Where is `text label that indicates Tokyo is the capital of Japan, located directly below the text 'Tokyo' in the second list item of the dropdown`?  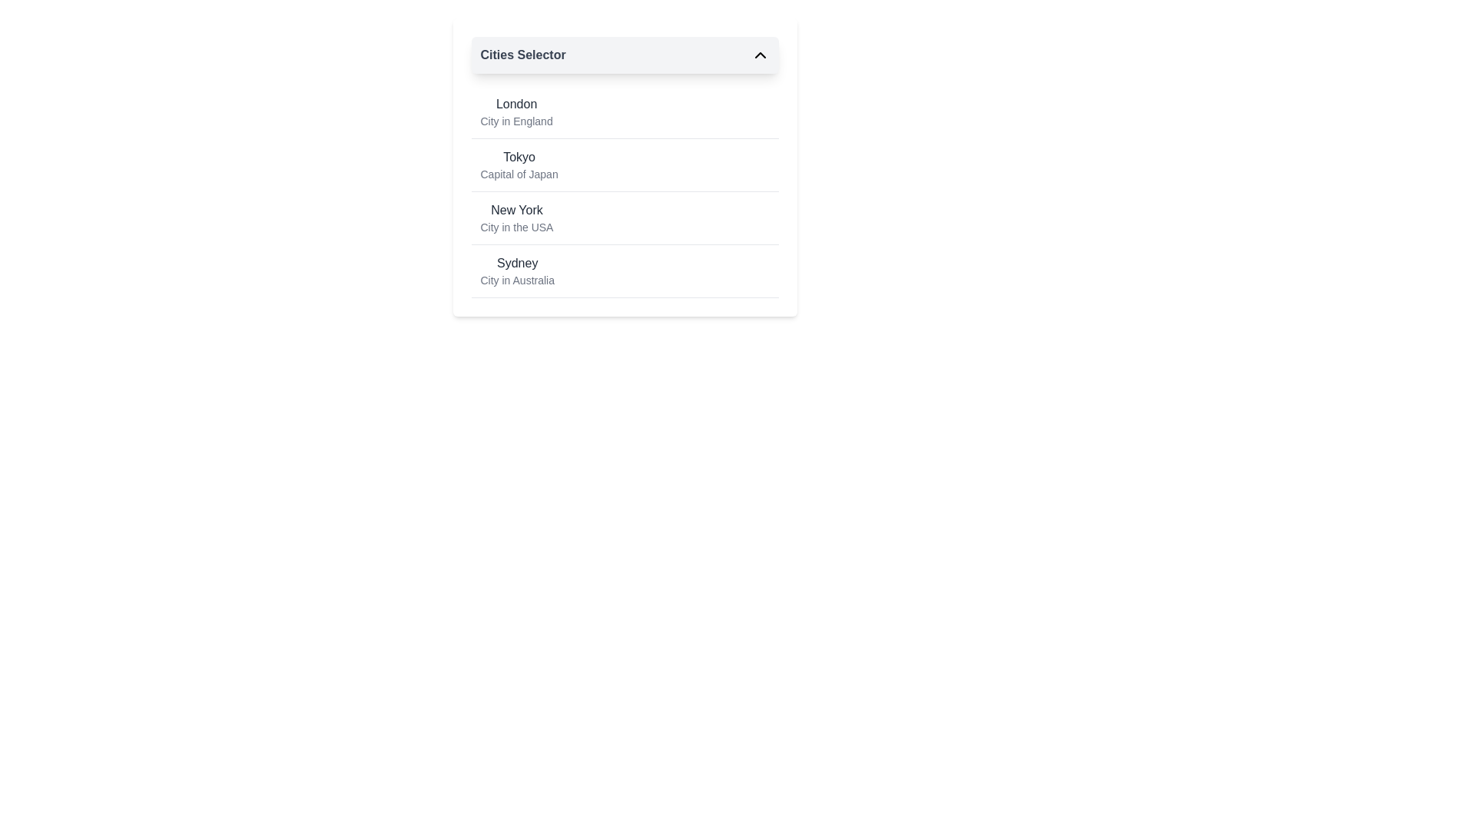 text label that indicates Tokyo is the capital of Japan, located directly below the text 'Tokyo' in the second list item of the dropdown is located at coordinates (519, 174).